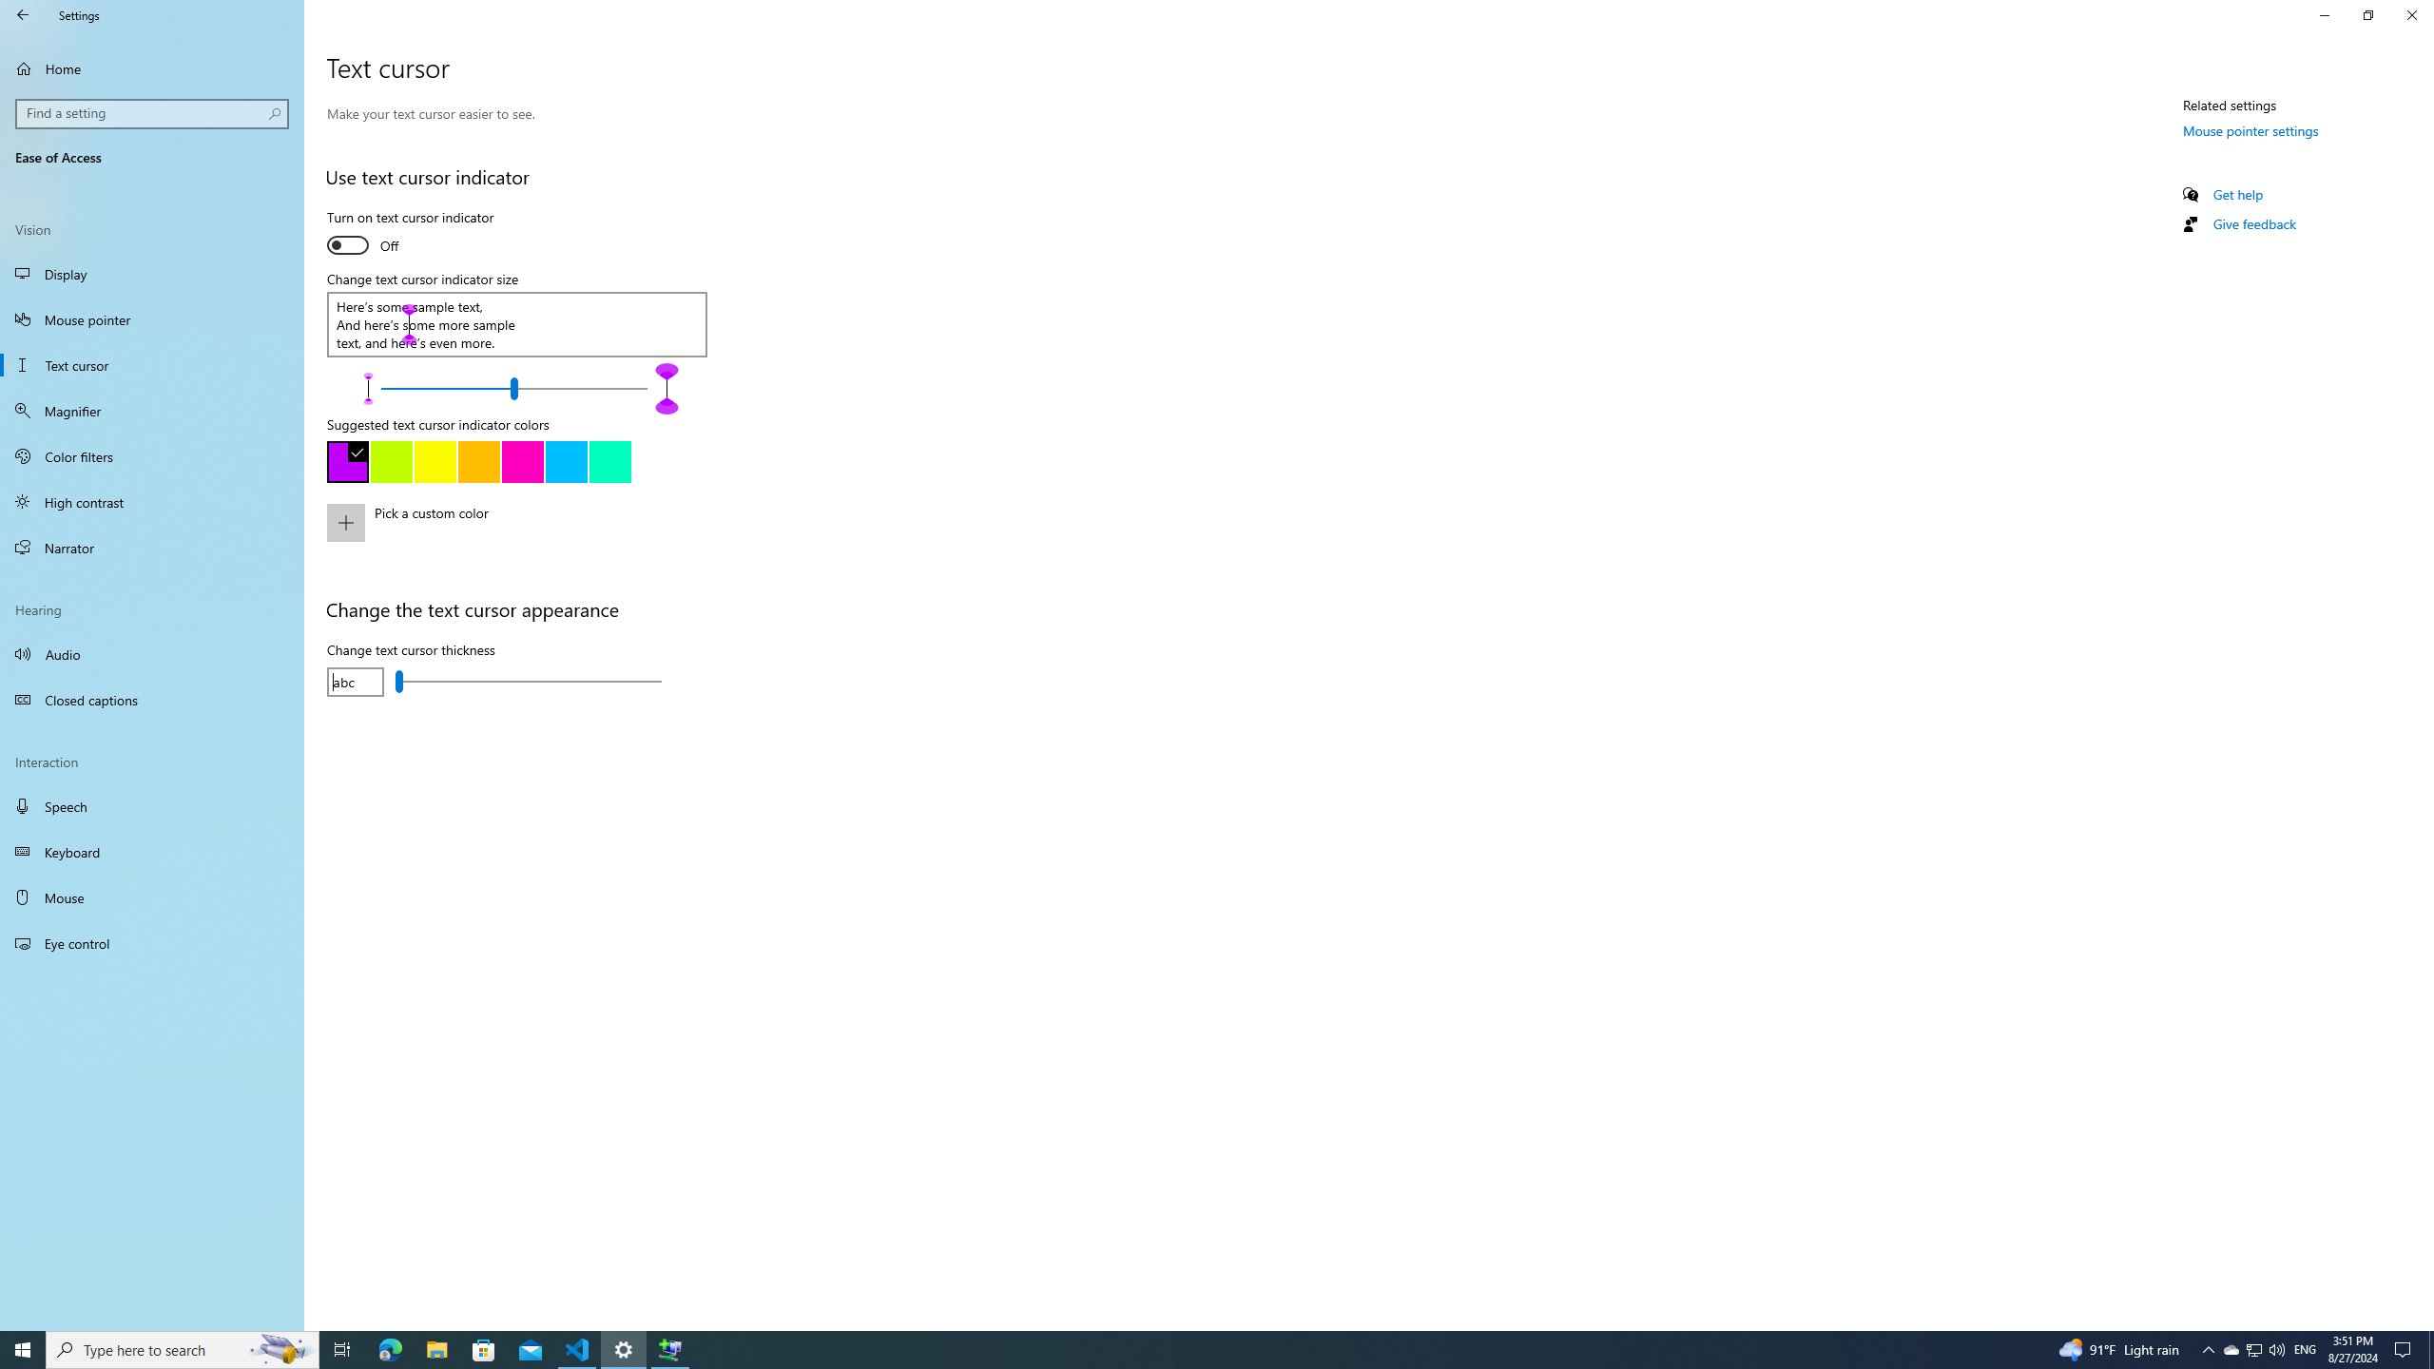  I want to click on 'Extensible Wizards Host Process - 1 running window', so click(670, 1348).